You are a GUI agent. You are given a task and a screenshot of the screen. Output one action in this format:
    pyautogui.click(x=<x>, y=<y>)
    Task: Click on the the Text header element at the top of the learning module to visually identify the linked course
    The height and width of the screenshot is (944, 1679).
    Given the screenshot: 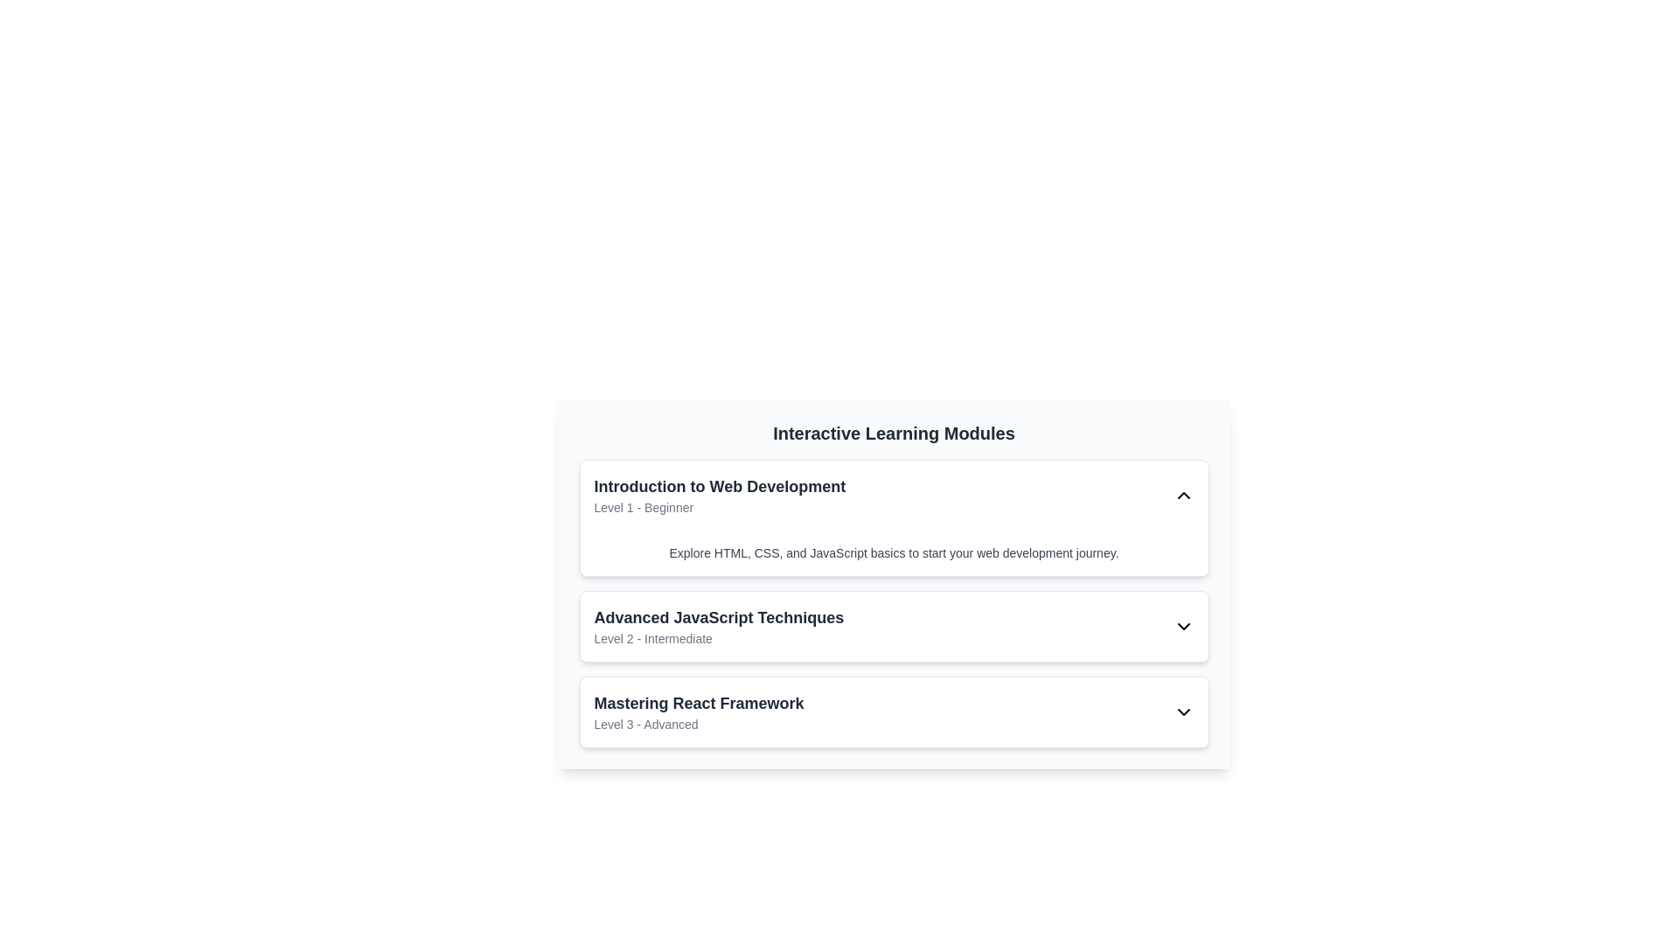 What is the action you would take?
    pyautogui.click(x=720, y=486)
    